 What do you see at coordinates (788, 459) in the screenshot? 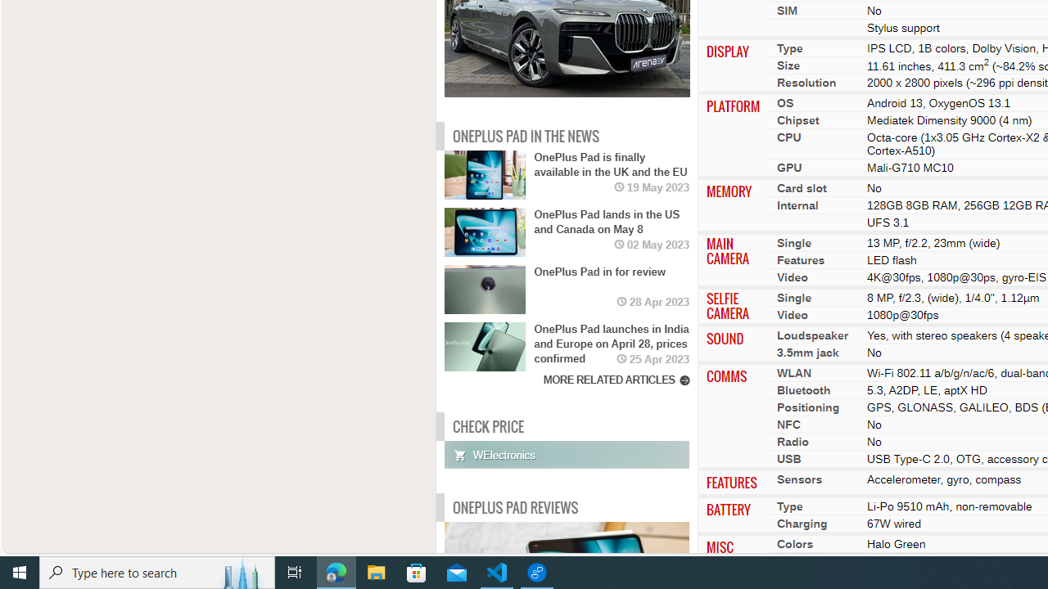
I see `'USB'` at bounding box center [788, 459].